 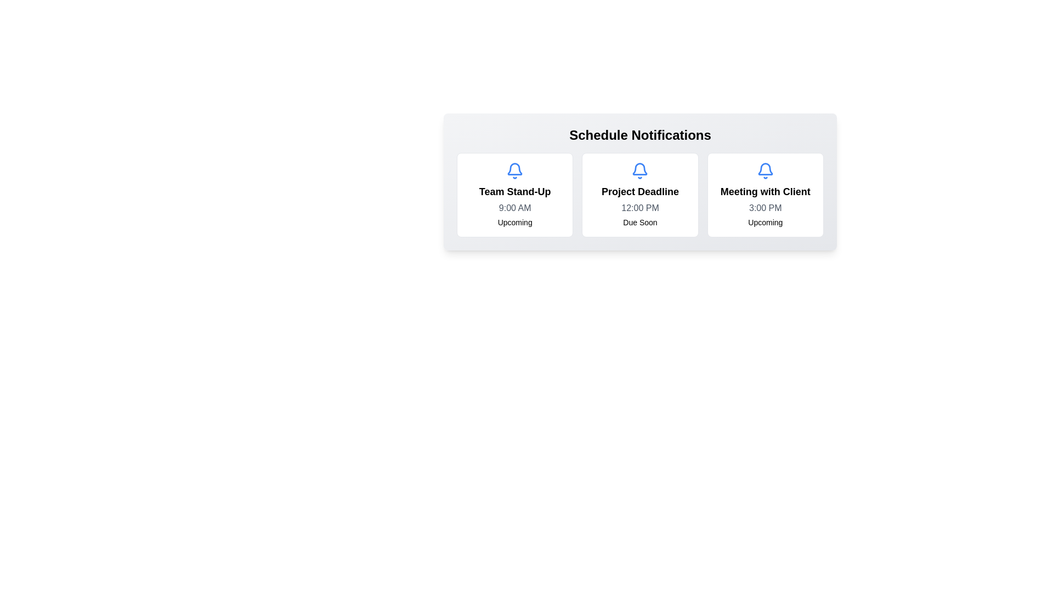 What do you see at coordinates (765, 194) in the screenshot?
I see `details displayed on the scheduled notification card located in the third column of the grid layout, which contains information about an upcoming meeting` at bounding box center [765, 194].